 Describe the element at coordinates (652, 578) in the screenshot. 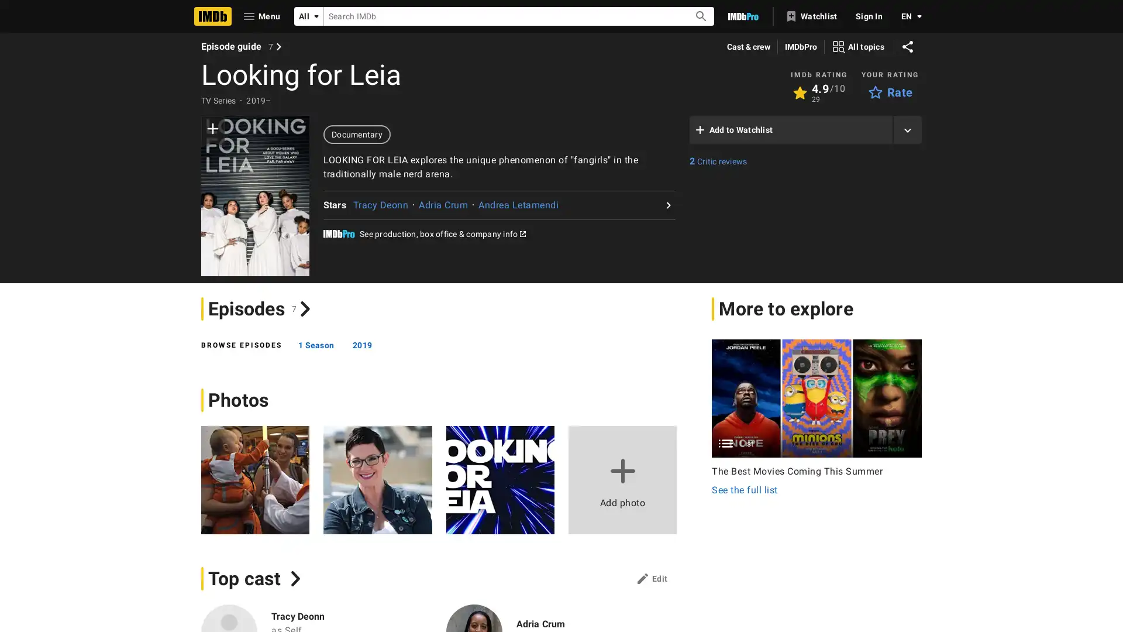

I see `Top cast: edit` at that location.